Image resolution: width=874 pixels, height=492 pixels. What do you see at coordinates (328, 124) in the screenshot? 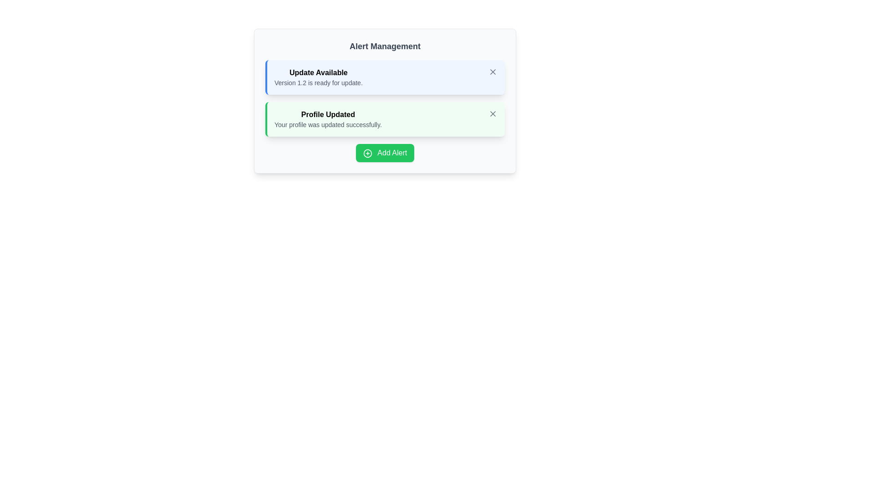
I see `the text label that reads 'Your profile was updated successfully.' which is styled in gray and positioned under the heading 'Profile Updated' in the notification section` at bounding box center [328, 124].